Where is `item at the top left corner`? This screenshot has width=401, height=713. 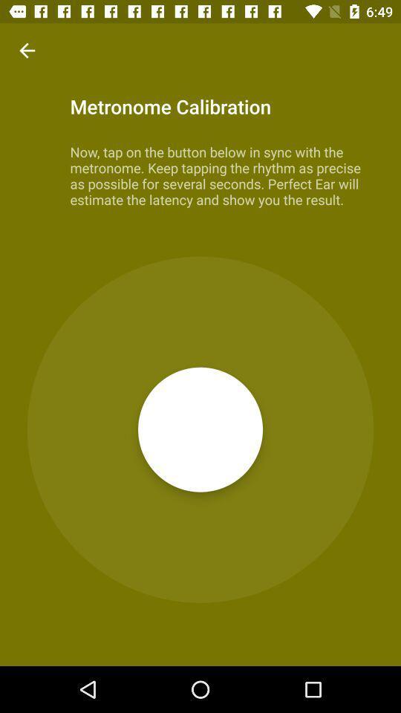 item at the top left corner is located at coordinates (27, 51).